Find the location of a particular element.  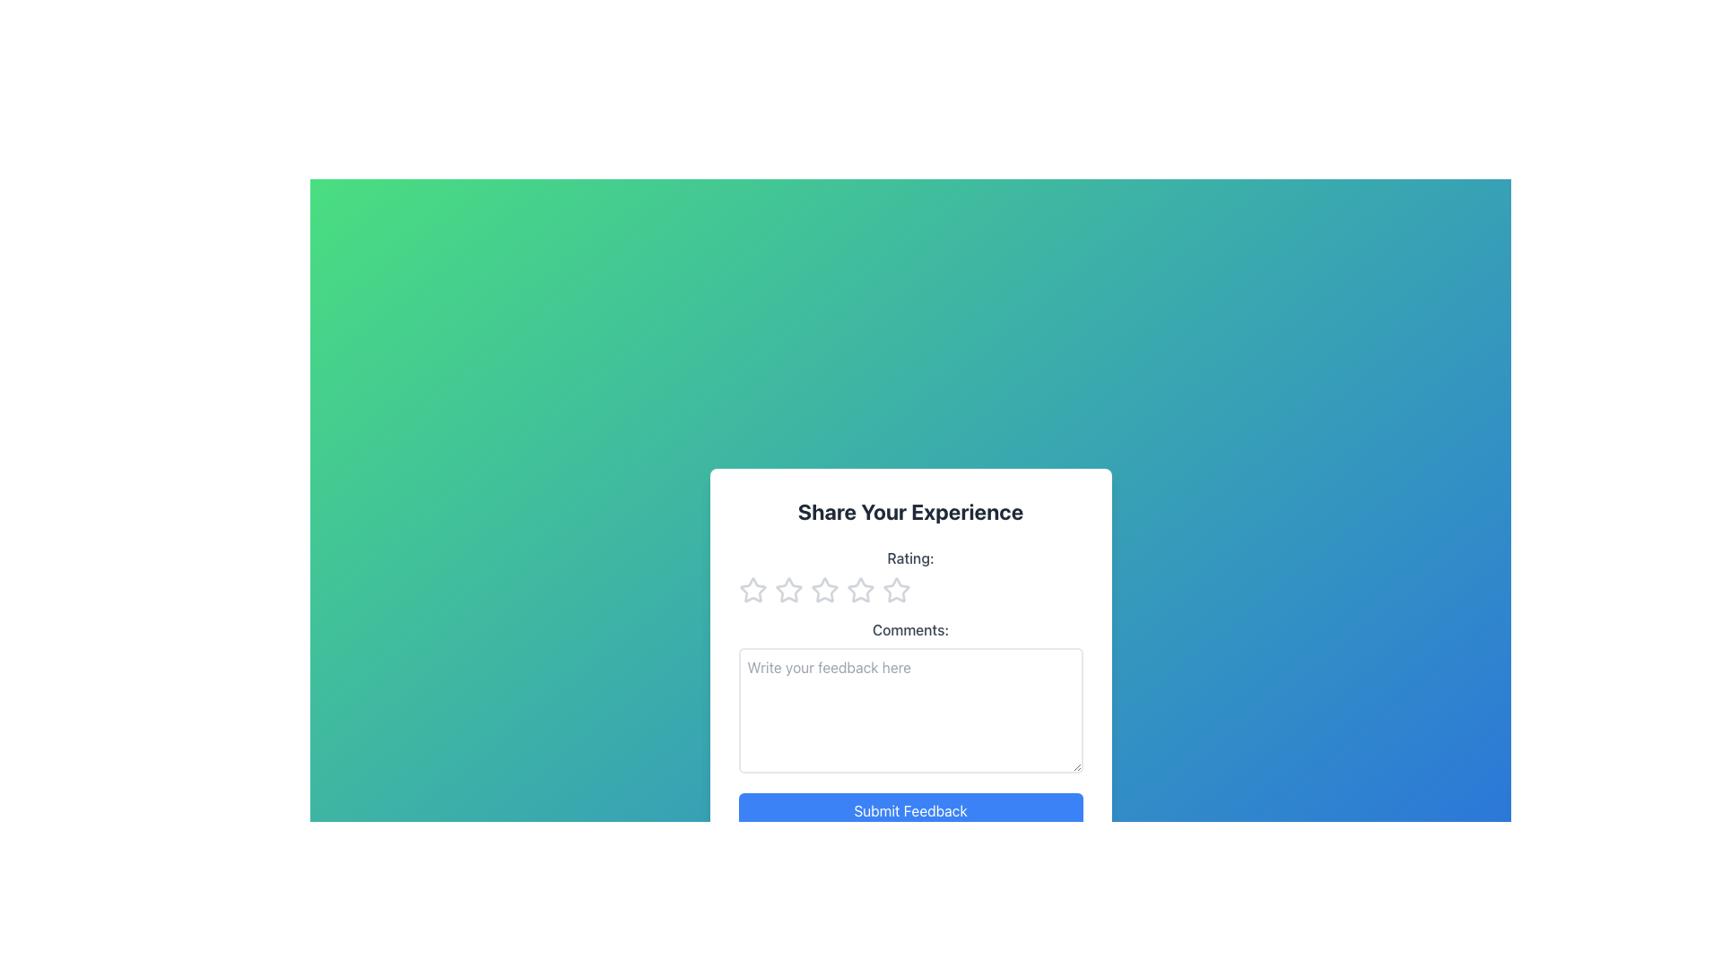

the interactive star-based rating control located below the 'Rating:' section to set a rating is located at coordinates (910, 591).